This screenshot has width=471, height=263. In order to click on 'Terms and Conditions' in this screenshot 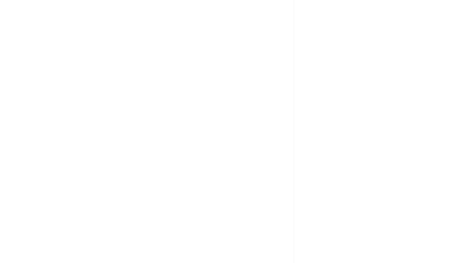, I will do `click(131, 134)`.